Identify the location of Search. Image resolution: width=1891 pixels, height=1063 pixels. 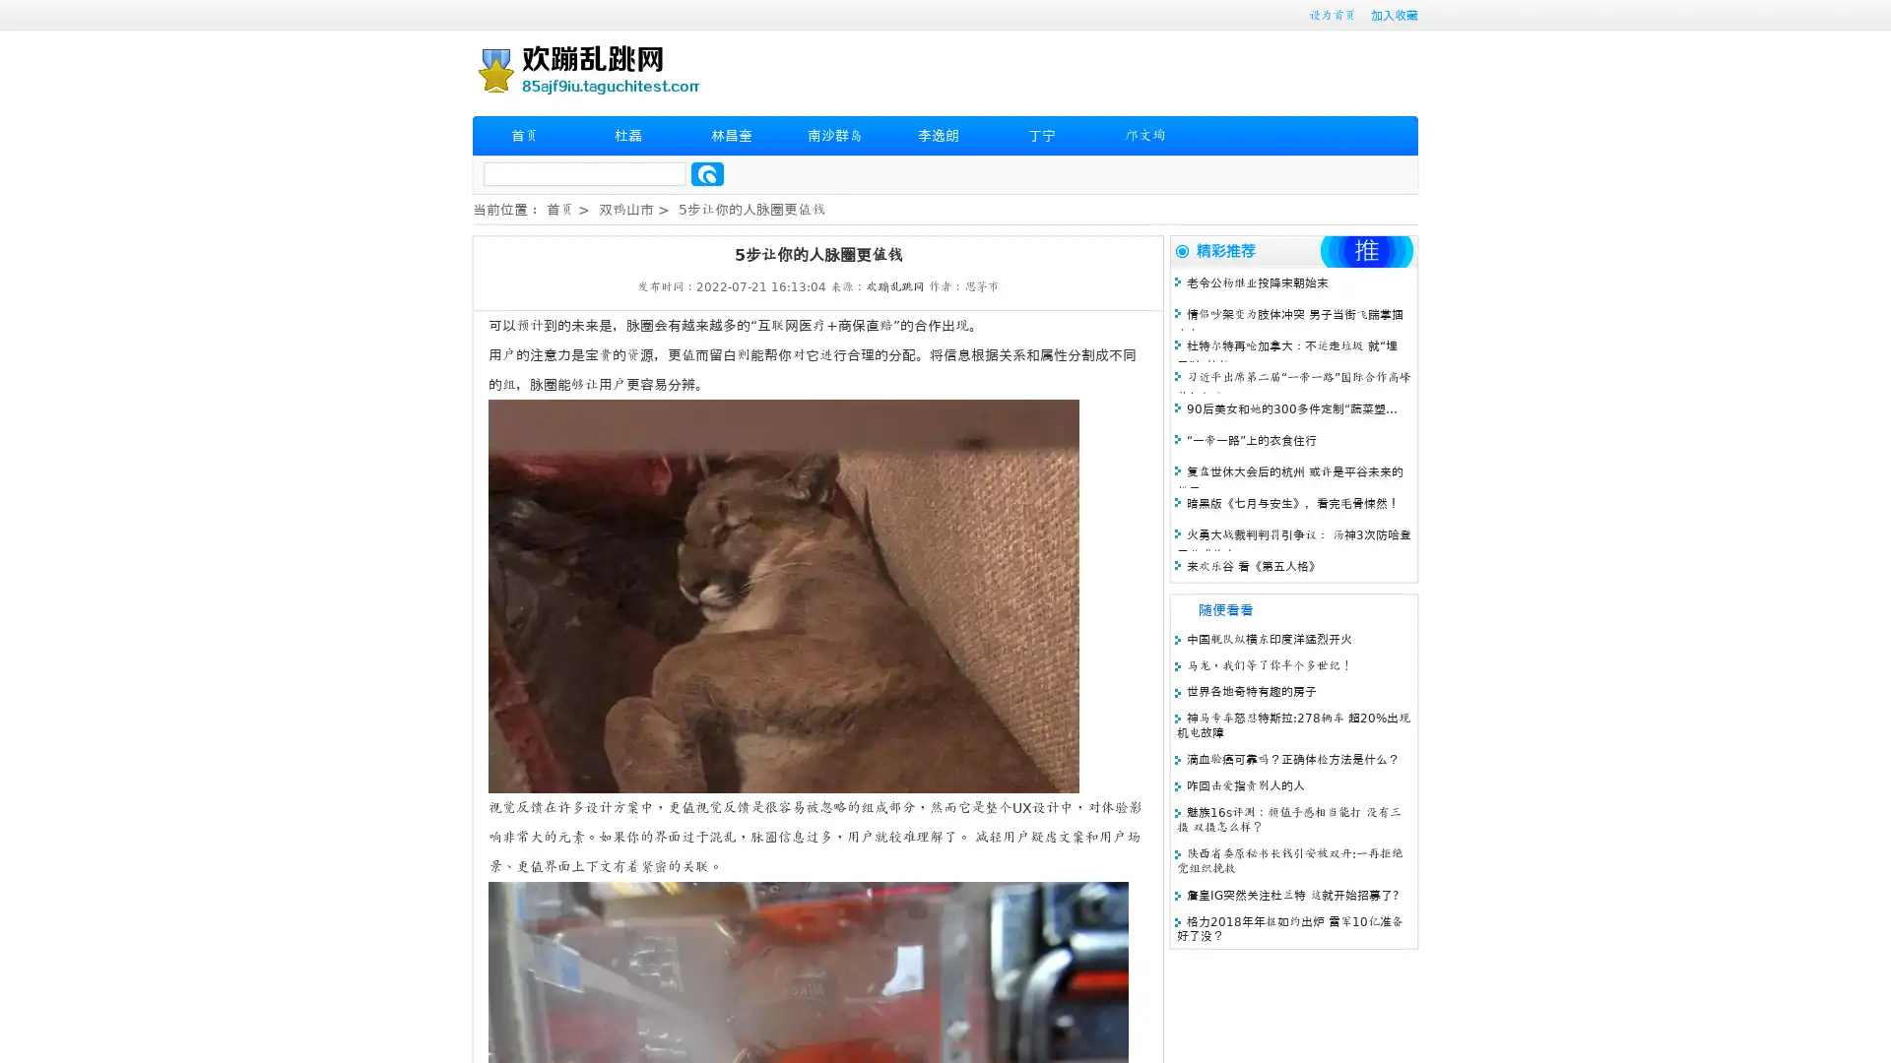
(707, 173).